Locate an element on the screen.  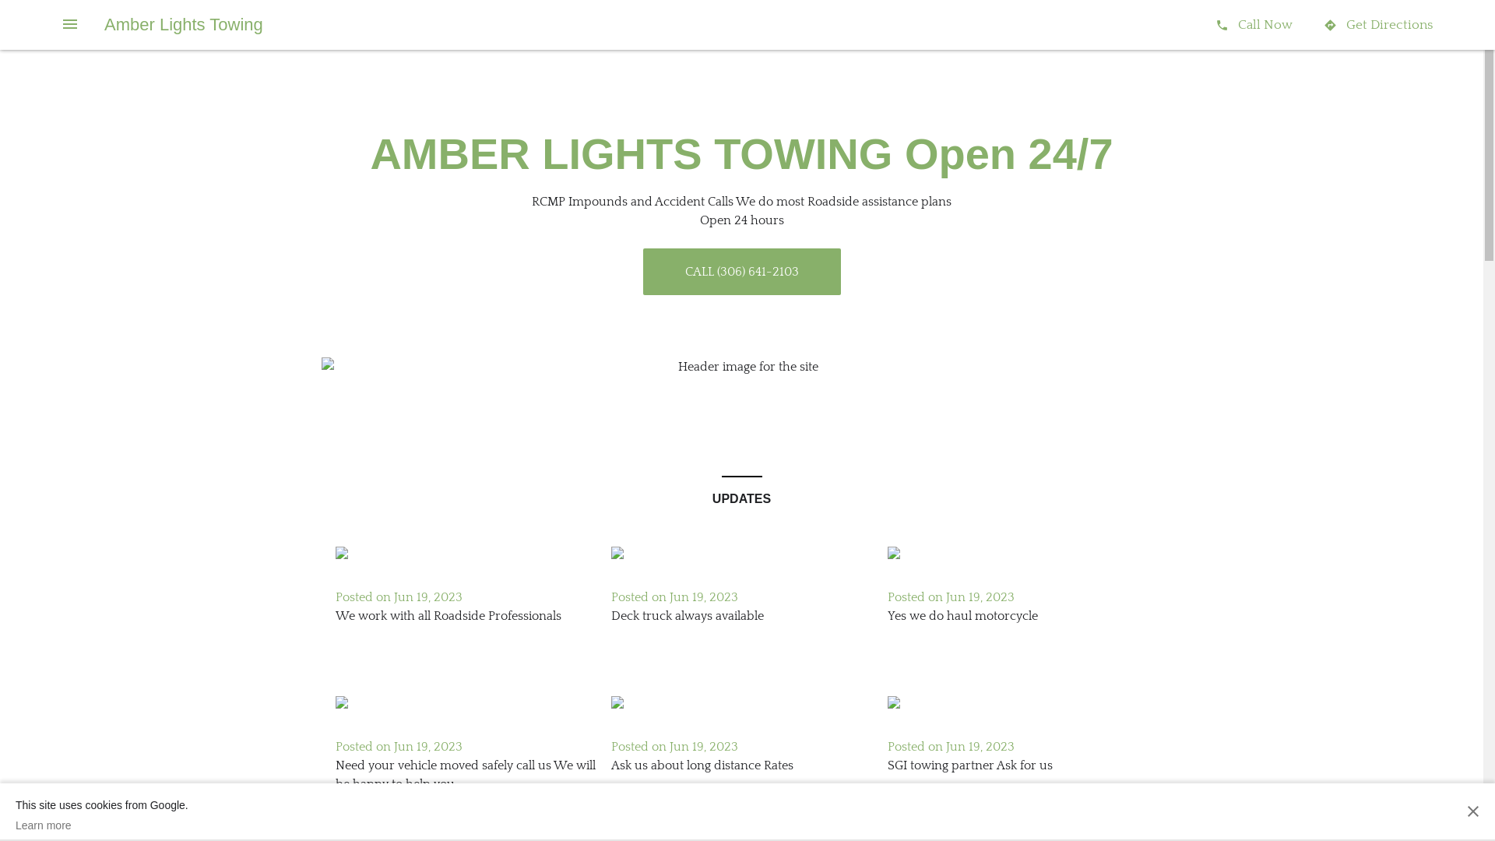
'Posted on Jun 19, 2023' is located at coordinates (674, 746).